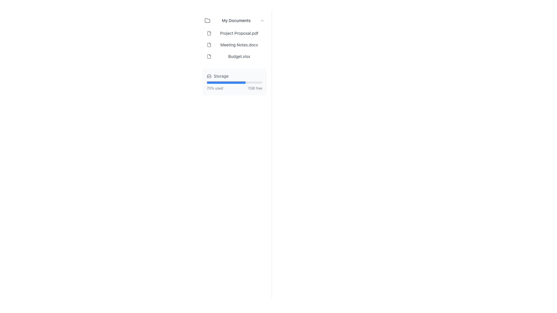 The height and width of the screenshot is (313, 557). What do you see at coordinates (239, 57) in the screenshot?
I see `the text label displaying the filename 'Budget.xlsx'` at bounding box center [239, 57].